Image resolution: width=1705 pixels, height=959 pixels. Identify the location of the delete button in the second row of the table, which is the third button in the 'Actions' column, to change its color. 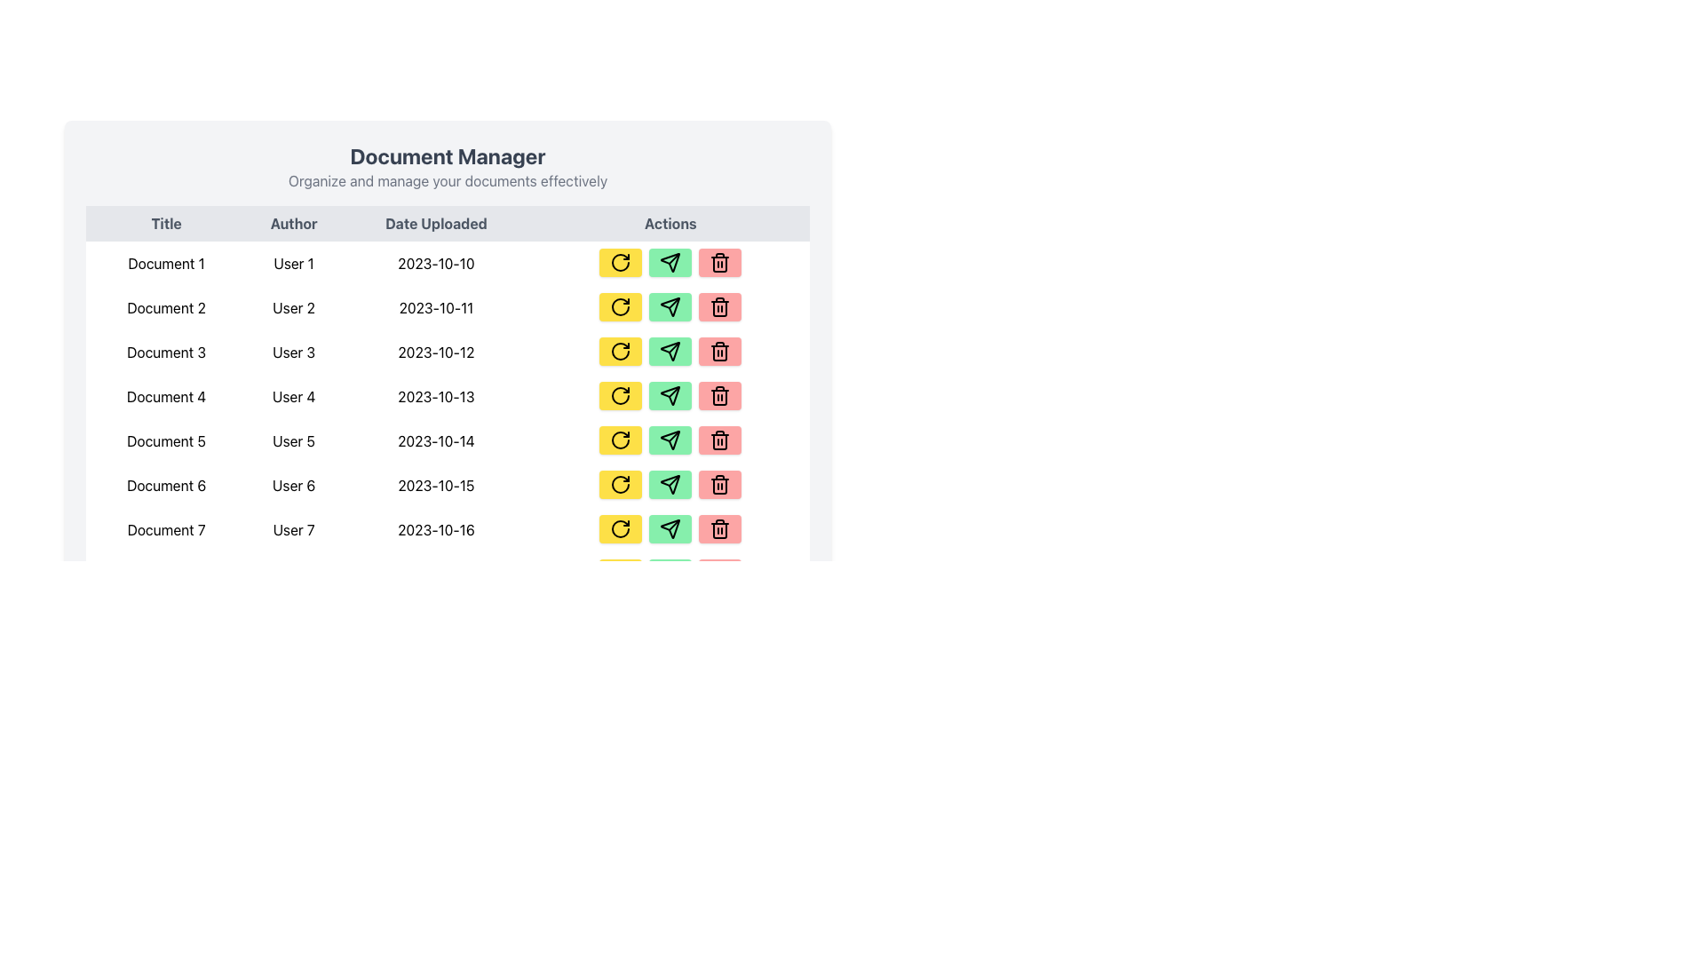
(720, 306).